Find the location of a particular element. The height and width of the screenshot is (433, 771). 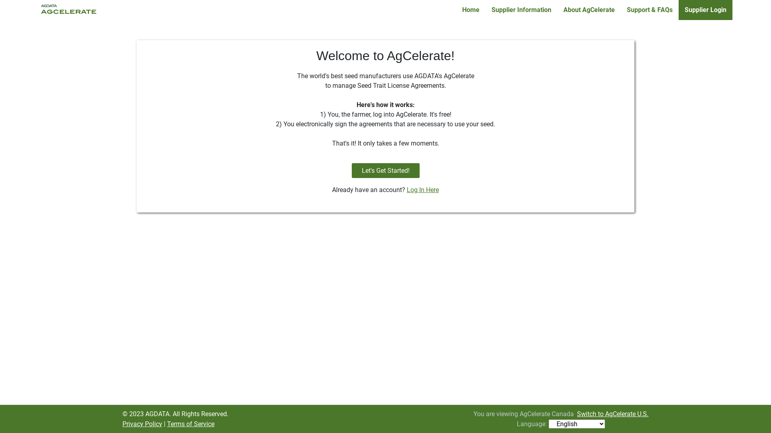

'Terms of Service' is located at coordinates (190, 423).